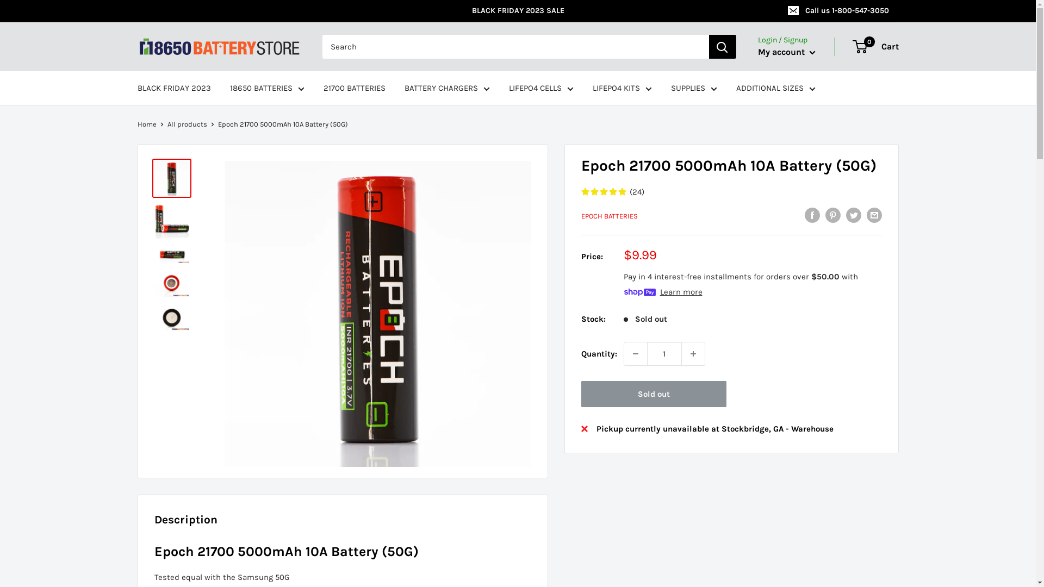  What do you see at coordinates (693, 88) in the screenshot?
I see `'SUPPLIES'` at bounding box center [693, 88].